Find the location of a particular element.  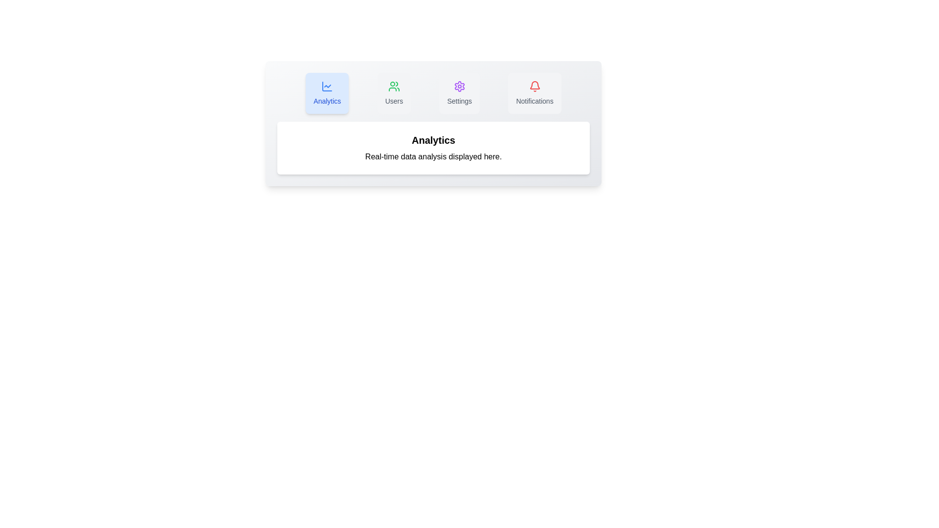

the Users tab to switch to it is located at coordinates (394, 93).